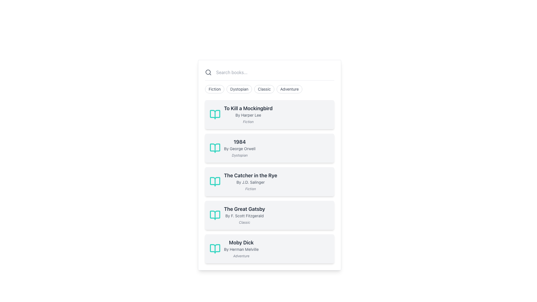 The width and height of the screenshot is (537, 302). I want to click on the Label stating 'By George Orwell', which is styled with a small font size and light gray color, positioned below the title '1984' in the book listing interface, so click(240, 148).